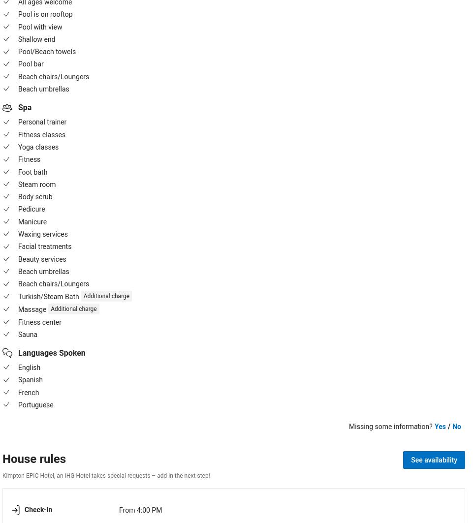 This screenshot has width=473, height=523. Describe the element at coordinates (140, 509) in the screenshot. I see `'From 4:00 PM'` at that location.